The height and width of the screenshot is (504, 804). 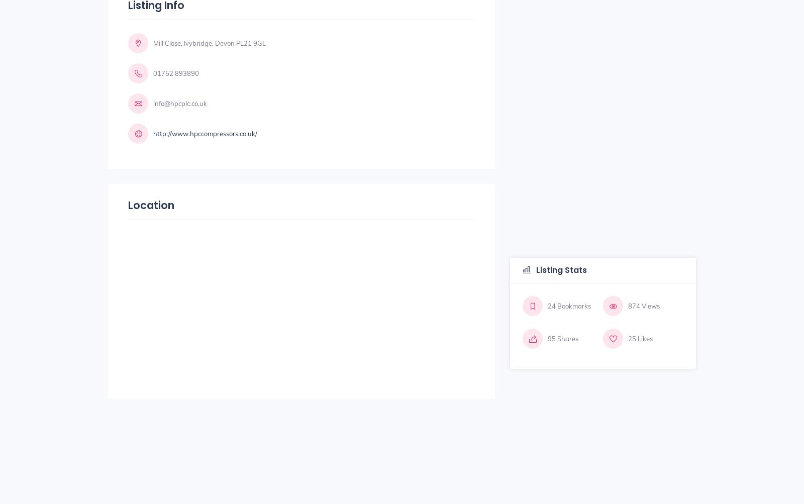 What do you see at coordinates (534, 269) in the screenshot?
I see `'Listing Stats'` at bounding box center [534, 269].